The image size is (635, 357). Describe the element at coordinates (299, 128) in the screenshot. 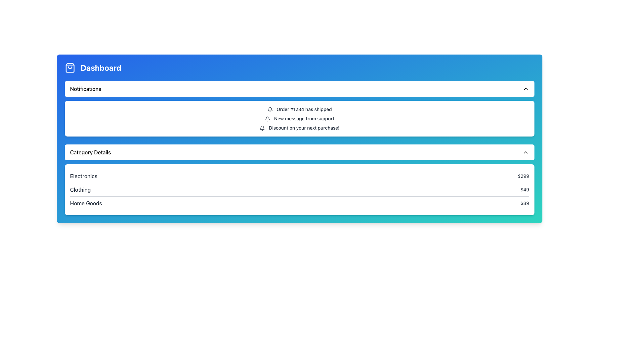

I see `the notification text displaying 'Discount on your next purchase!'` at that location.